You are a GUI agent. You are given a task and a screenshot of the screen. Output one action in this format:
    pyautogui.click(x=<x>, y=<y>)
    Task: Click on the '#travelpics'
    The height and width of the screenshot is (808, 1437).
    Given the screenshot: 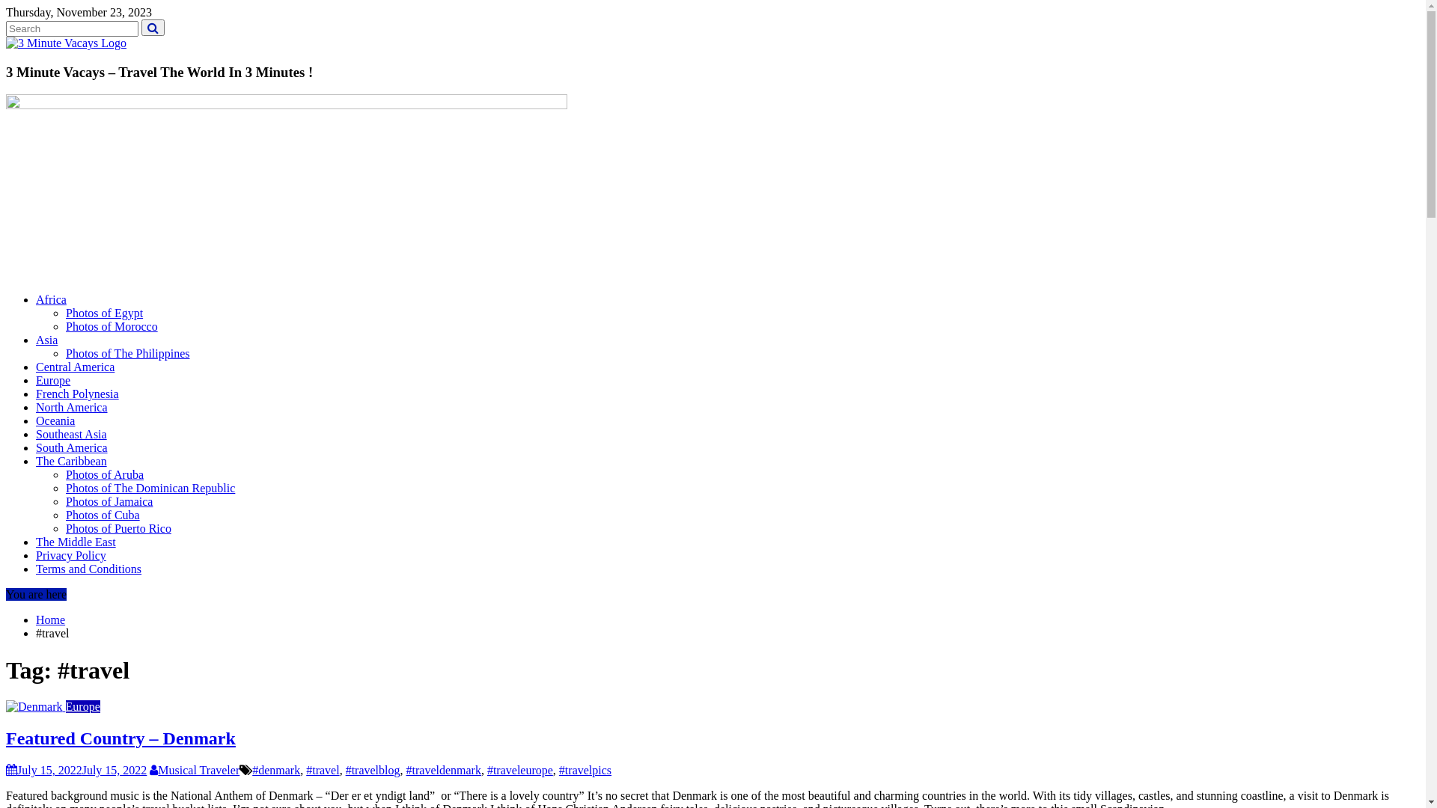 What is the action you would take?
    pyautogui.click(x=585, y=770)
    